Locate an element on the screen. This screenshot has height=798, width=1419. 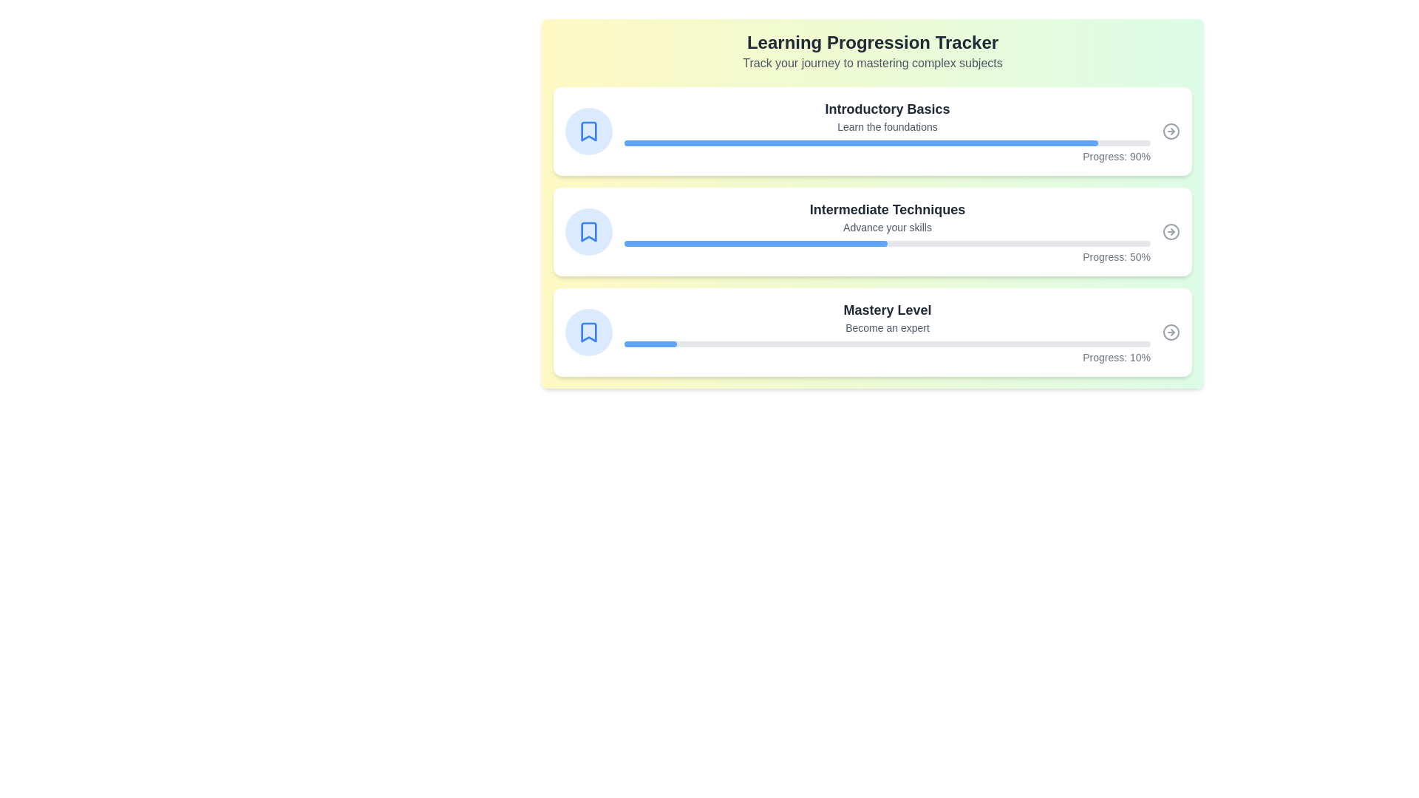
the Informational card with progress indicator for the 'Intermediate Techniques' learning module, which is the second card in a vertical stack of similar sections is located at coordinates (887, 231).